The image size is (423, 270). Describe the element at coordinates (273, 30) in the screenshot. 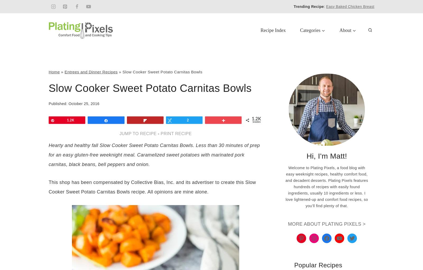

I see `'Recipe Index'` at that location.